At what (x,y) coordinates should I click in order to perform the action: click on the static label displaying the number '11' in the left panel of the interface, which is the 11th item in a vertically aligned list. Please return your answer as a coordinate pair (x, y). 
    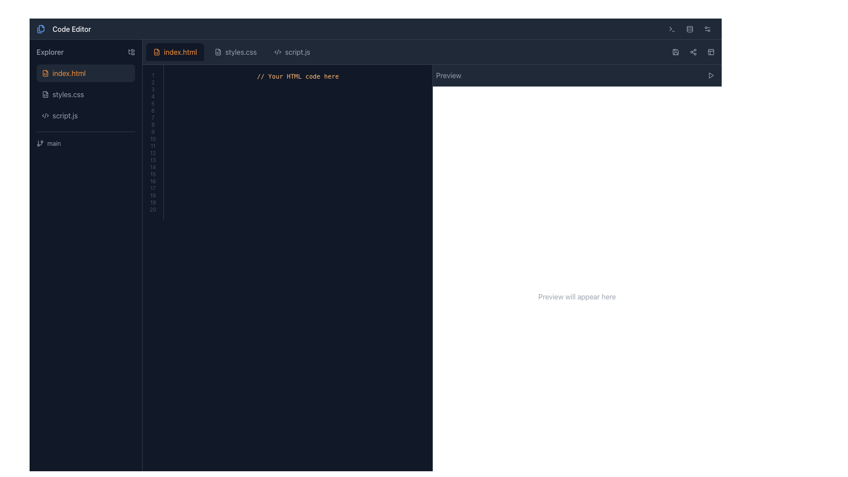
    Looking at the image, I should click on (153, 146).